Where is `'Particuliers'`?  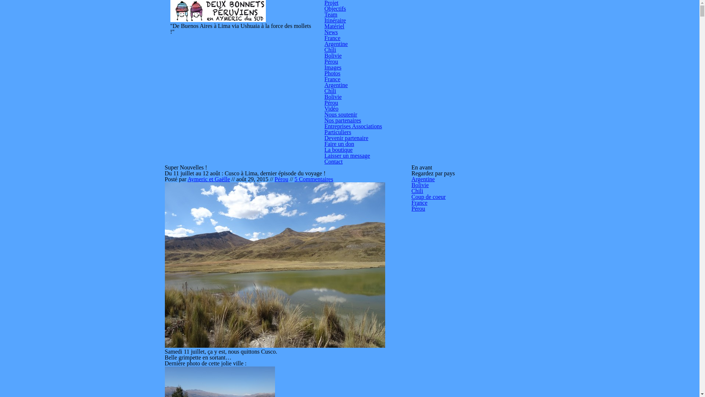
'Particuliers' is located at coordinates (337, 132).